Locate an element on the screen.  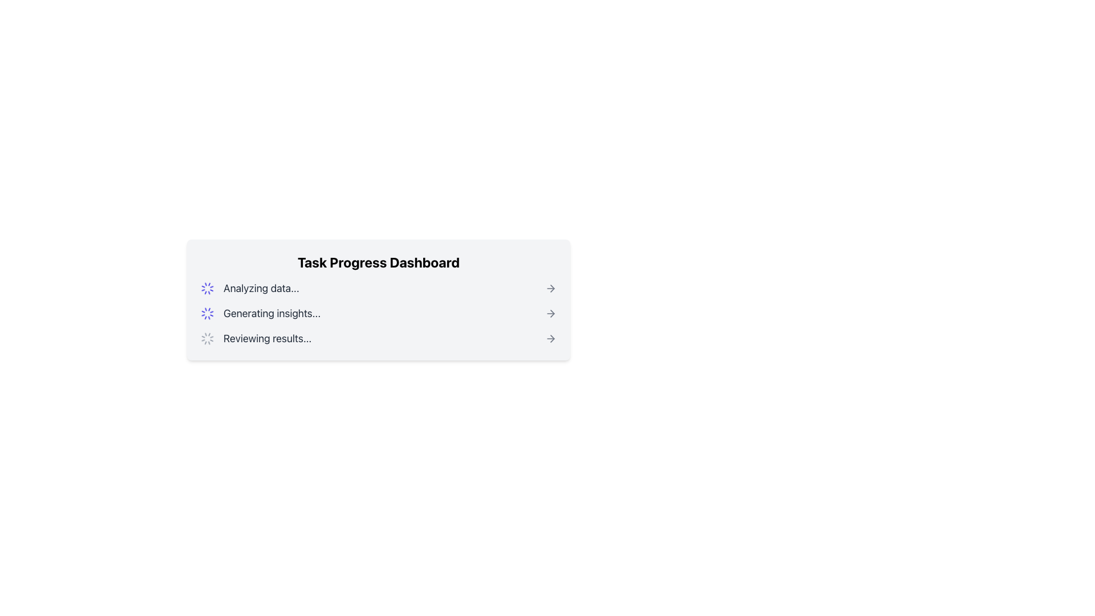
the Text Display element that informs the user of the current status in the 'Task Progress Dashboard', positioned between 'Analyzing data...' and 'Reviewing results...' is located at coordinates (271, 314).